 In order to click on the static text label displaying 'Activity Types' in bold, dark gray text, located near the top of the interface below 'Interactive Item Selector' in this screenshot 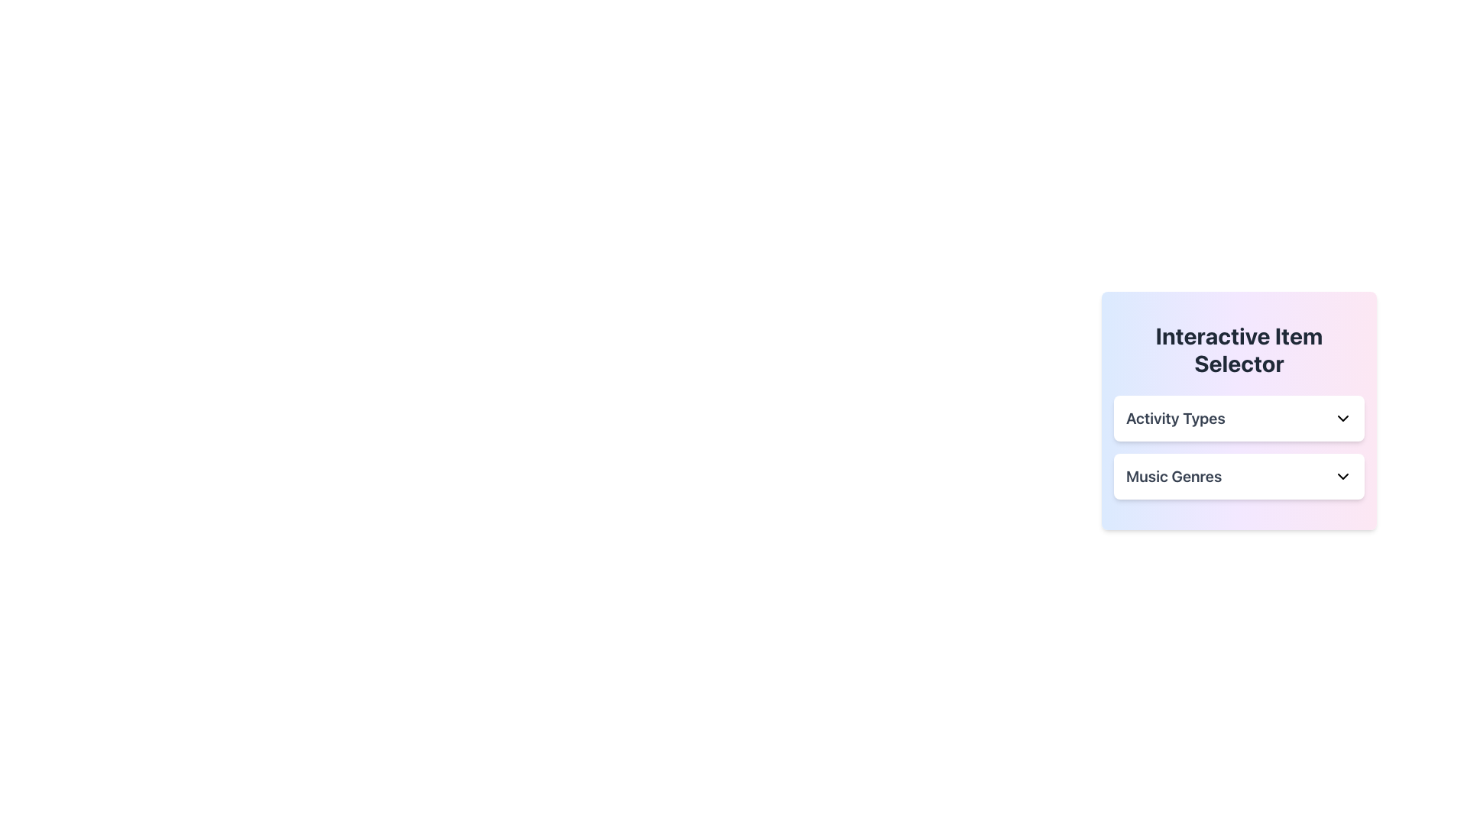, I will do `click(1174, 418)`.